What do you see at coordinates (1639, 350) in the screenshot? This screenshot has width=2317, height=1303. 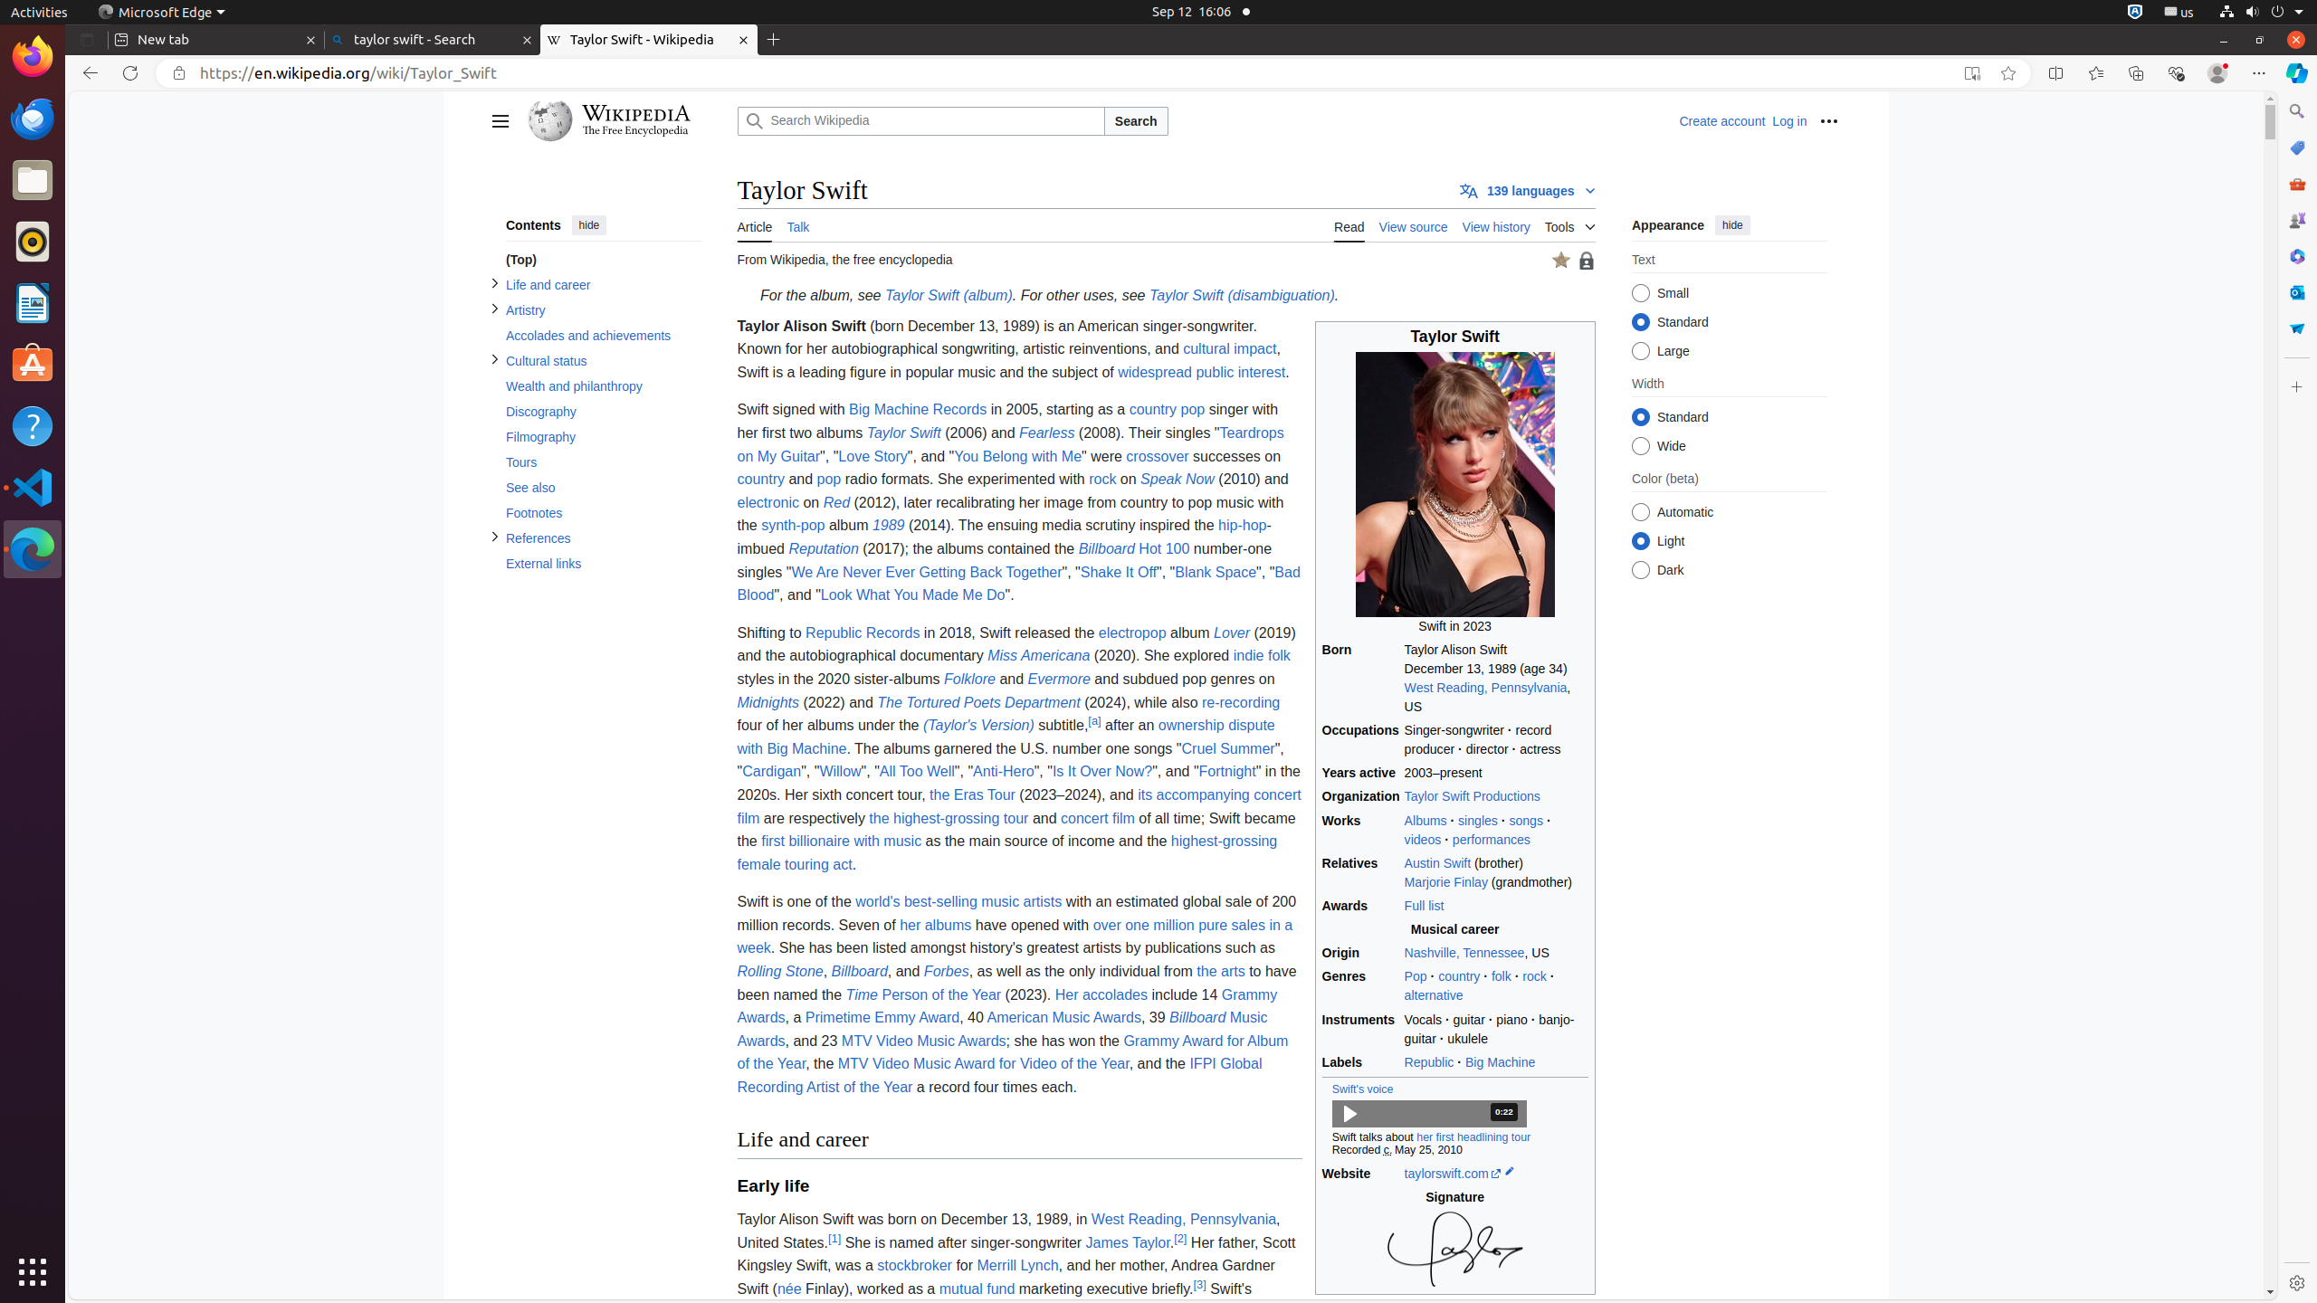 I see `'Large'` at bounding box center [1639, 350].